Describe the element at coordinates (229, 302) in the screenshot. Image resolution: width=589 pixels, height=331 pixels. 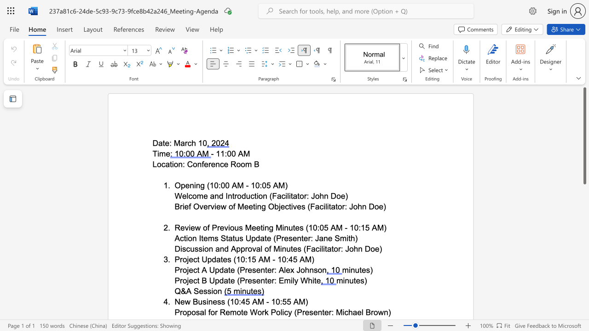
I see `the 1th character "(" in the text` at that location.